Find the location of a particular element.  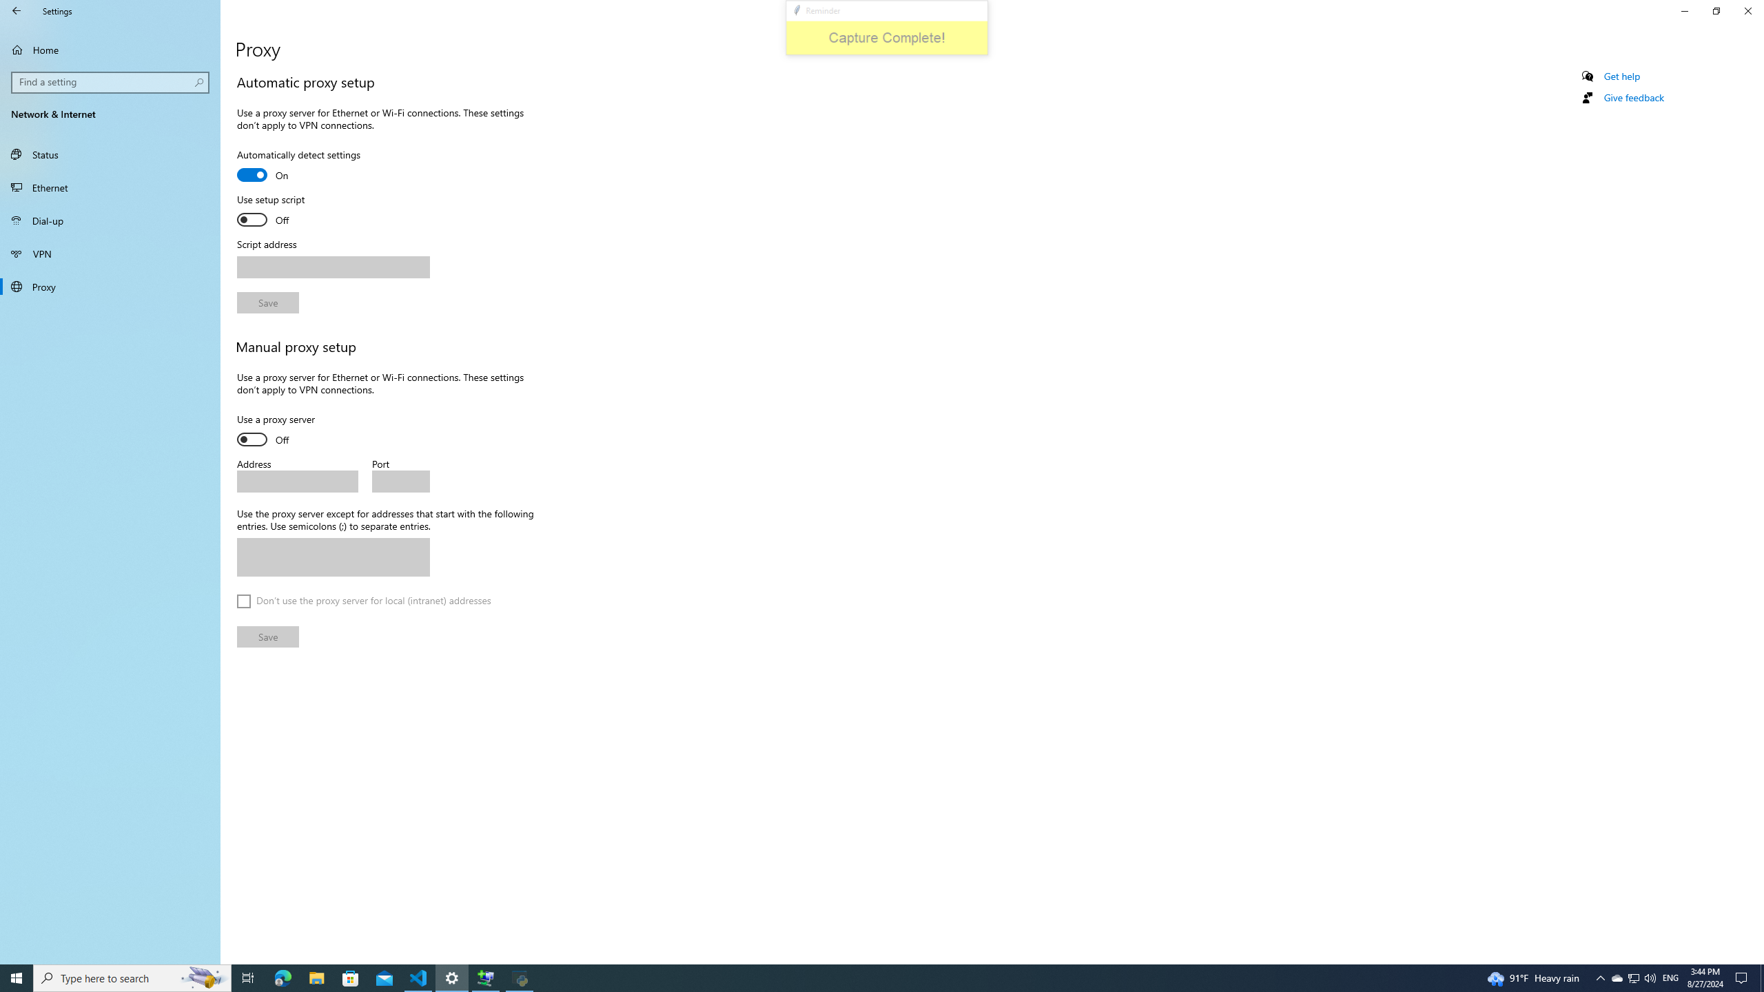

'Ethernet' is located at coordinates (110, 187).